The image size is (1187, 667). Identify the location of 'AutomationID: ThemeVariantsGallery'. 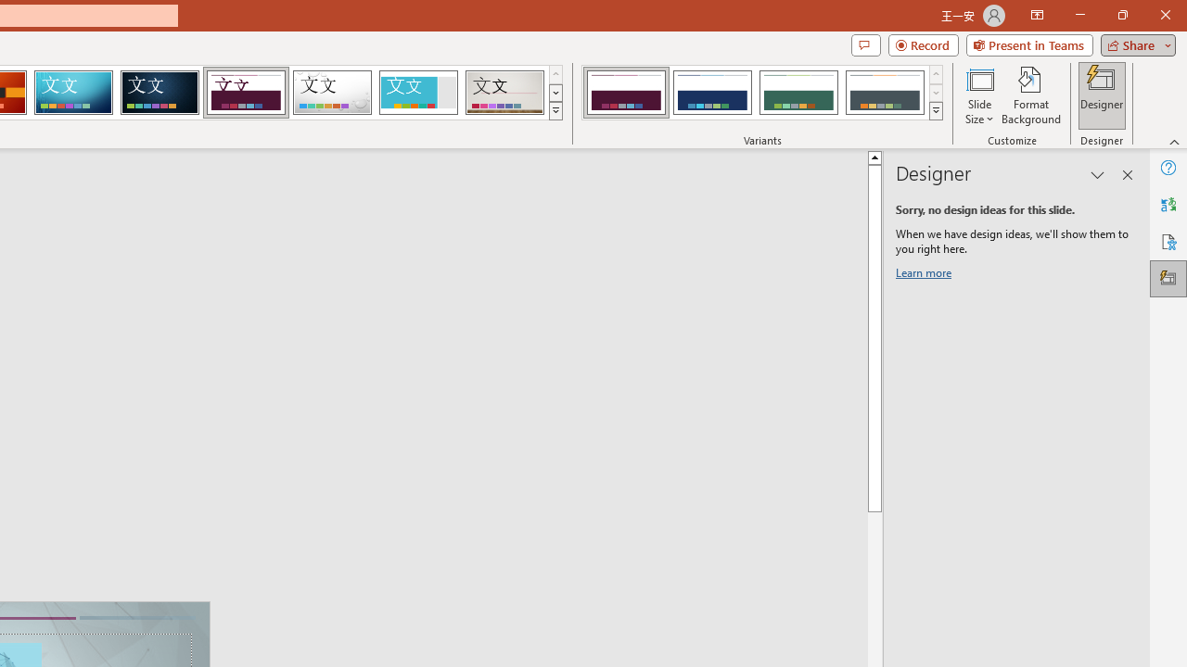
(763, 93).